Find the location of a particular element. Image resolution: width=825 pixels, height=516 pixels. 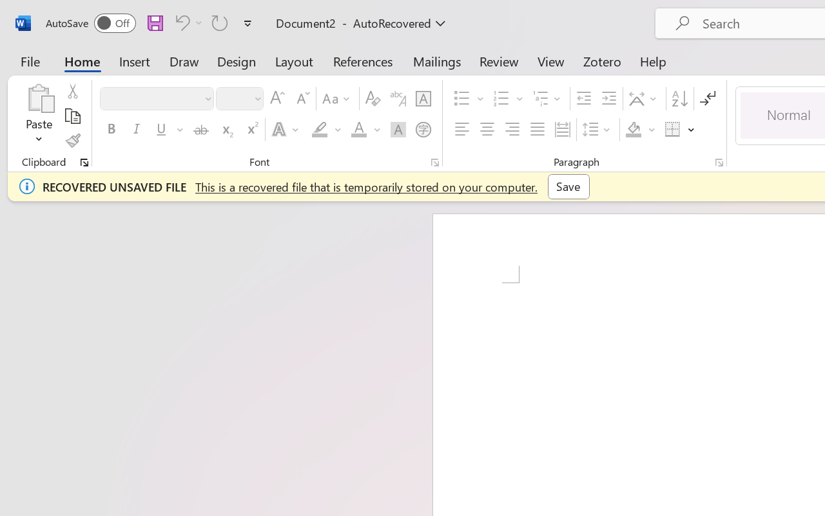

'Character Border' is located at coordinates (423, 99).